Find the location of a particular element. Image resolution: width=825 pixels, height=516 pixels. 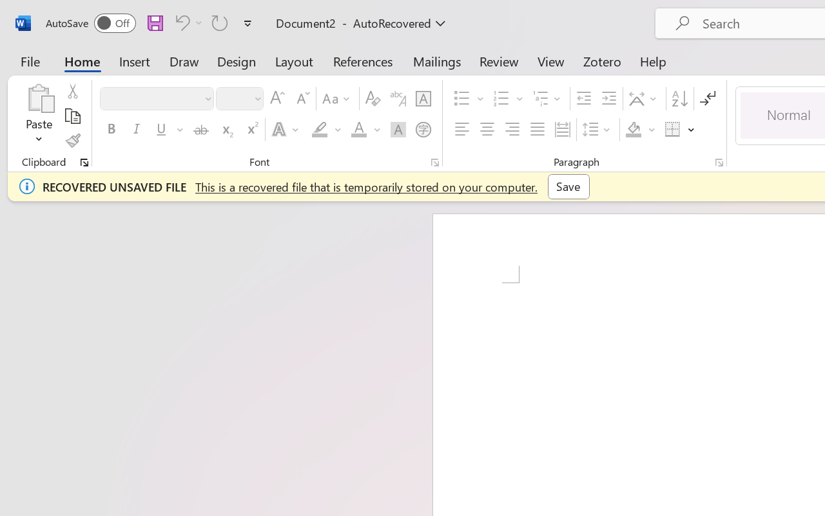

'Character Border' is located at coordinates (423, 99).